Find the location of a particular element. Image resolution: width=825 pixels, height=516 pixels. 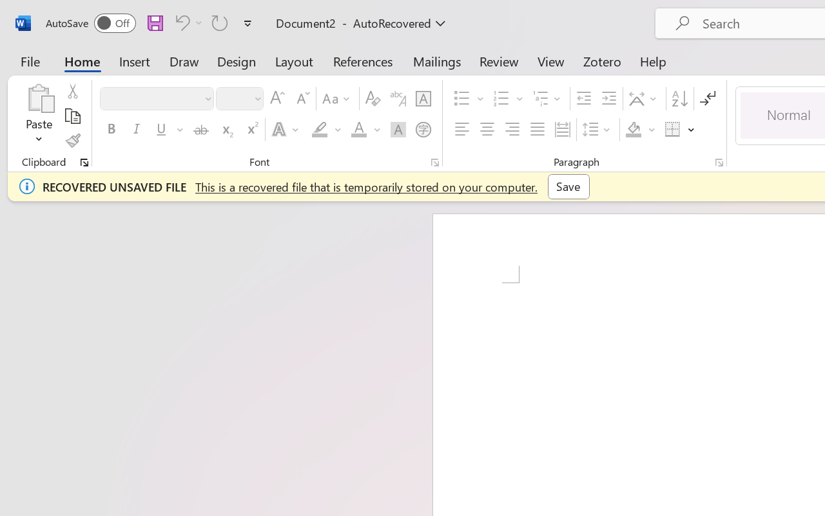

'Character Border' is located at coordinates (423, 99).